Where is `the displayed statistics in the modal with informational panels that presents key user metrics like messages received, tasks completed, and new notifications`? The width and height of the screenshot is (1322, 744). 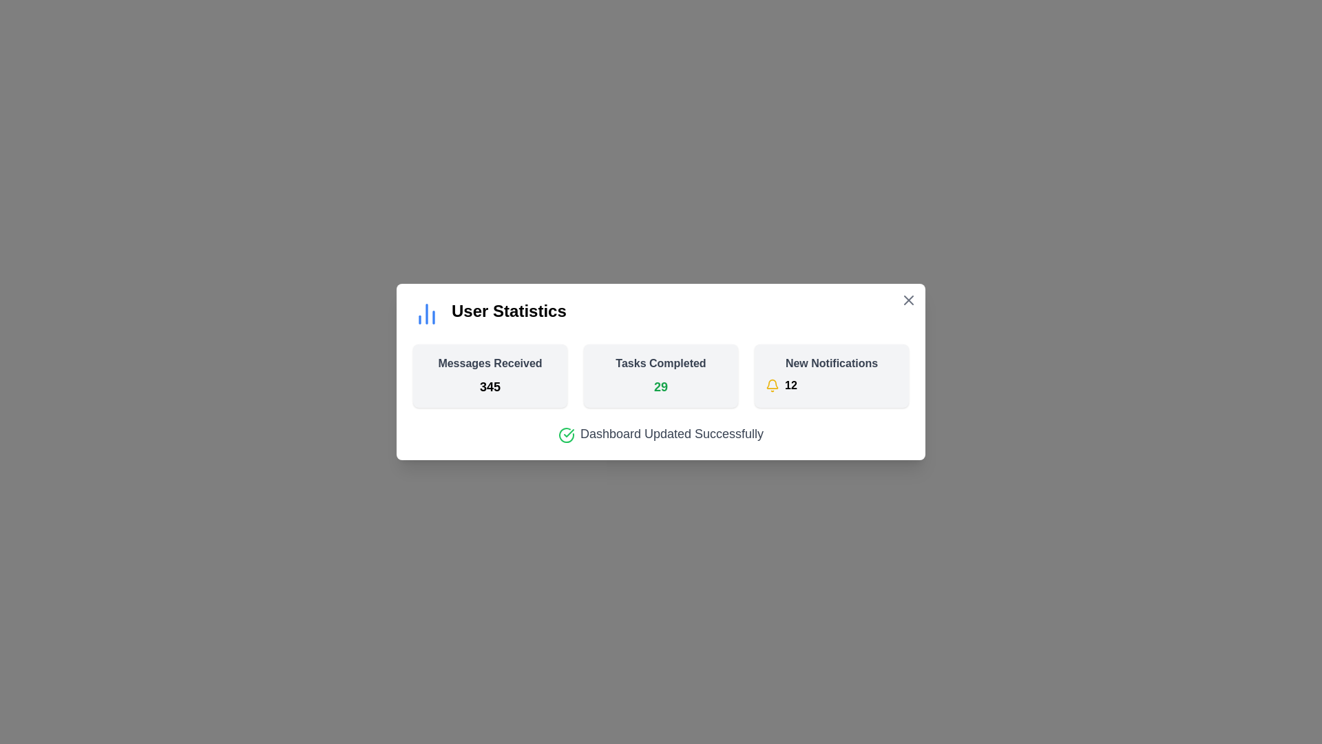
the displayed statistics in the modal with informational panels that presents key user metrics like messages received, tasks completed, and new notifications is located at coordinates (661, 372).